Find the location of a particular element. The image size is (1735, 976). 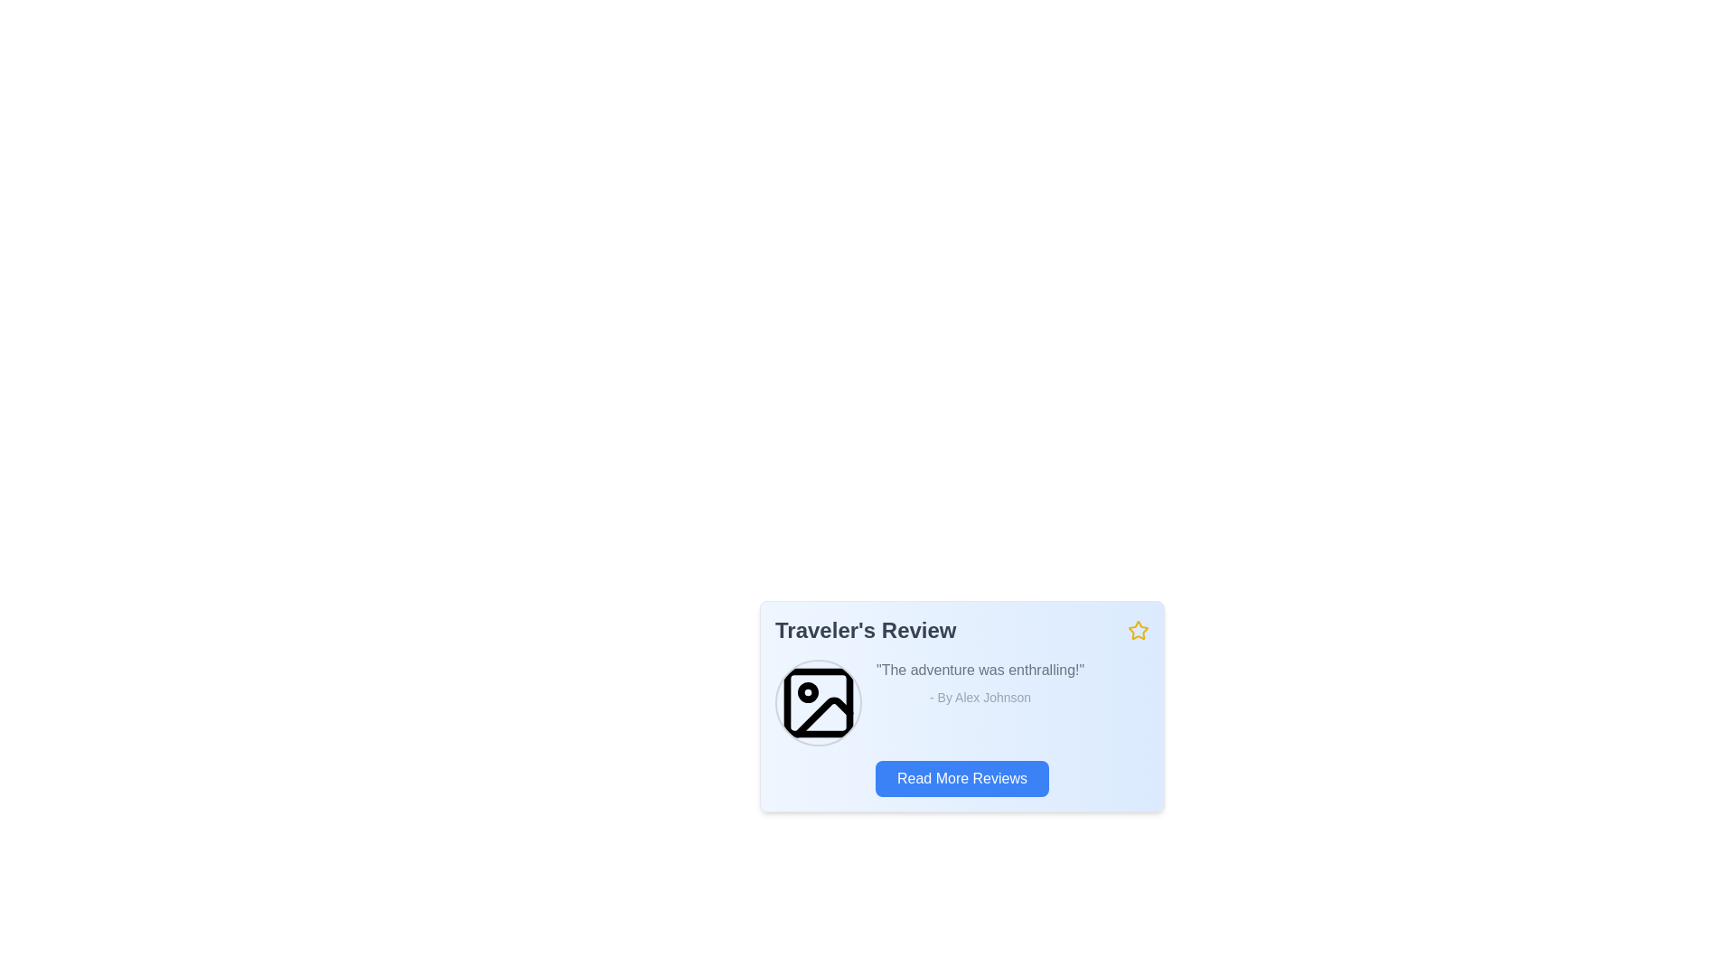

text review displayed in the section titled 'Traveler's Review', which contains the message 'The adventure was enthralling! - By Alex Johnson' is located at coordinates (961, 702).